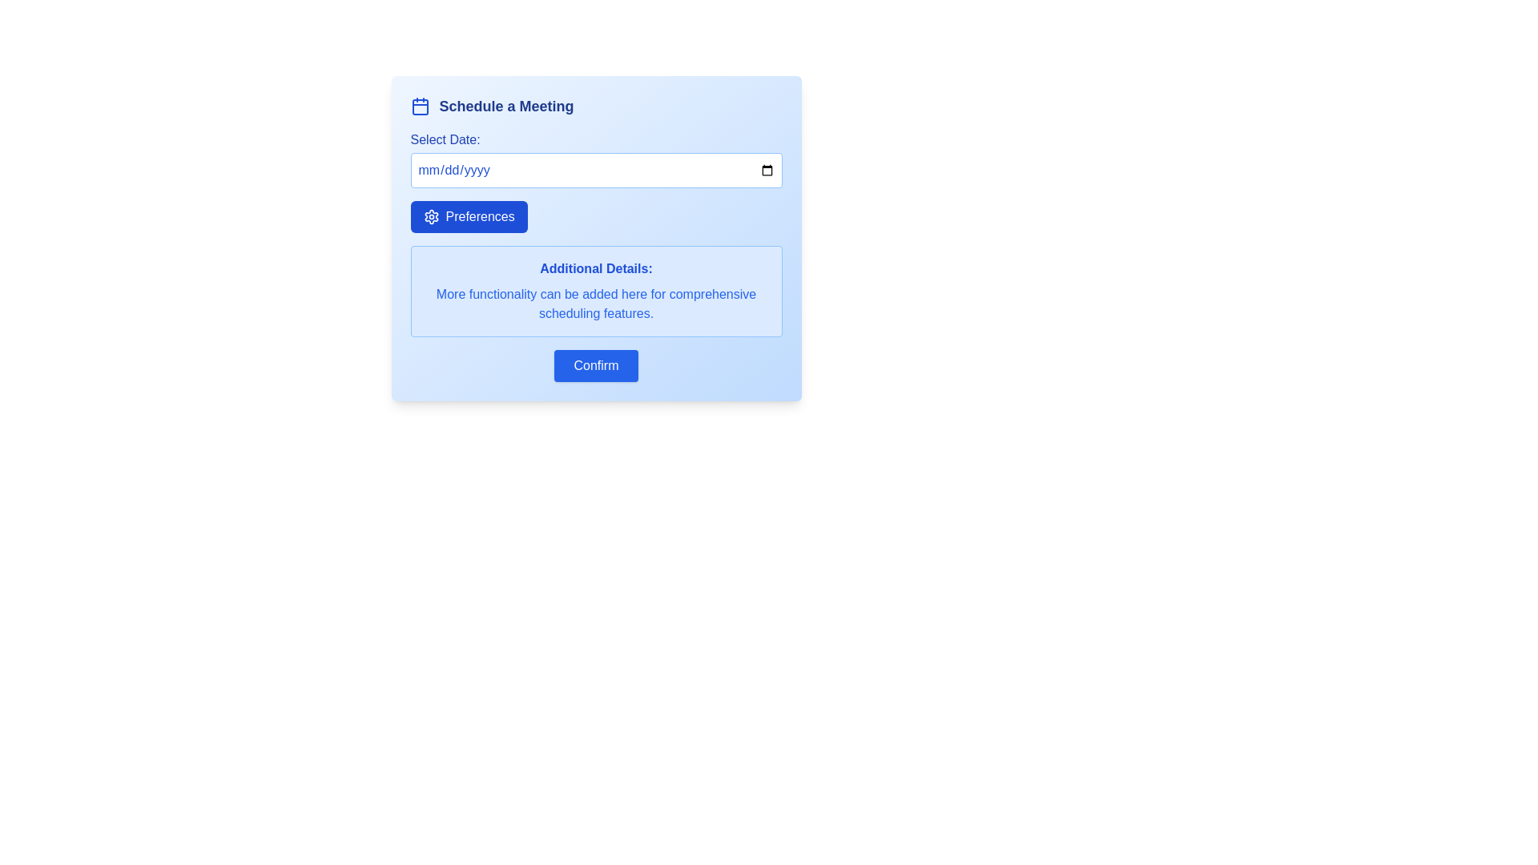  What do you see at coordinates (420, 106) in the screenshot?
I see `the calendar icon located at the top-left corner of the 'Schedule a Meeting' card` at bounding box center [420, 106].